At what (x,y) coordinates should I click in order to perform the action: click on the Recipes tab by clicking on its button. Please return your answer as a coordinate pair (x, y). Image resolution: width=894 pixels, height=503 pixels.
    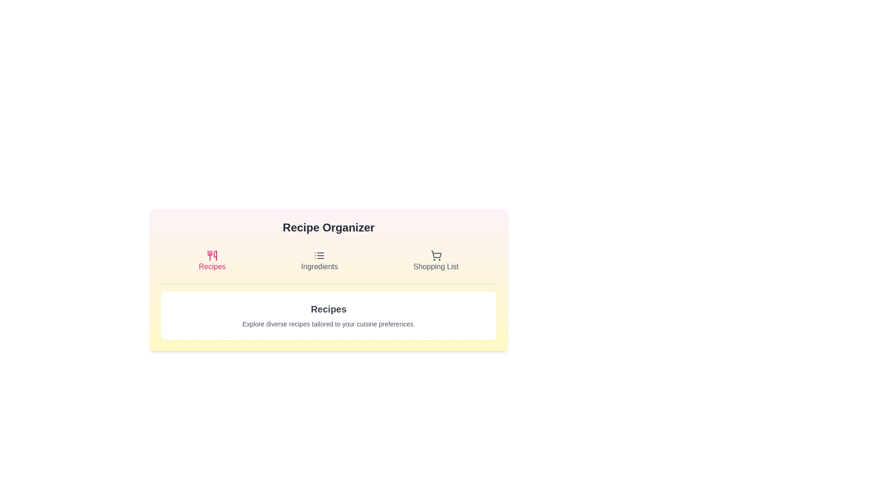
    Looking at the image, I should click on (212, 261).